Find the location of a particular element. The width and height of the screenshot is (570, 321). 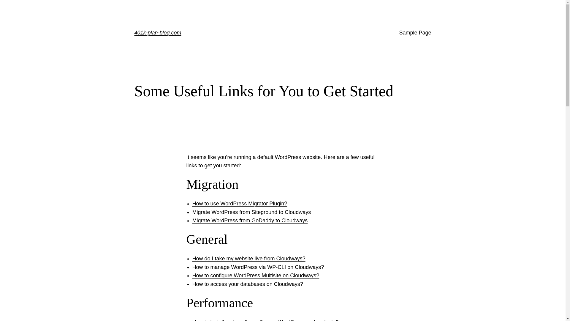

'How do I take my website live from Cloudways?' is located at coordinates (249, 258).